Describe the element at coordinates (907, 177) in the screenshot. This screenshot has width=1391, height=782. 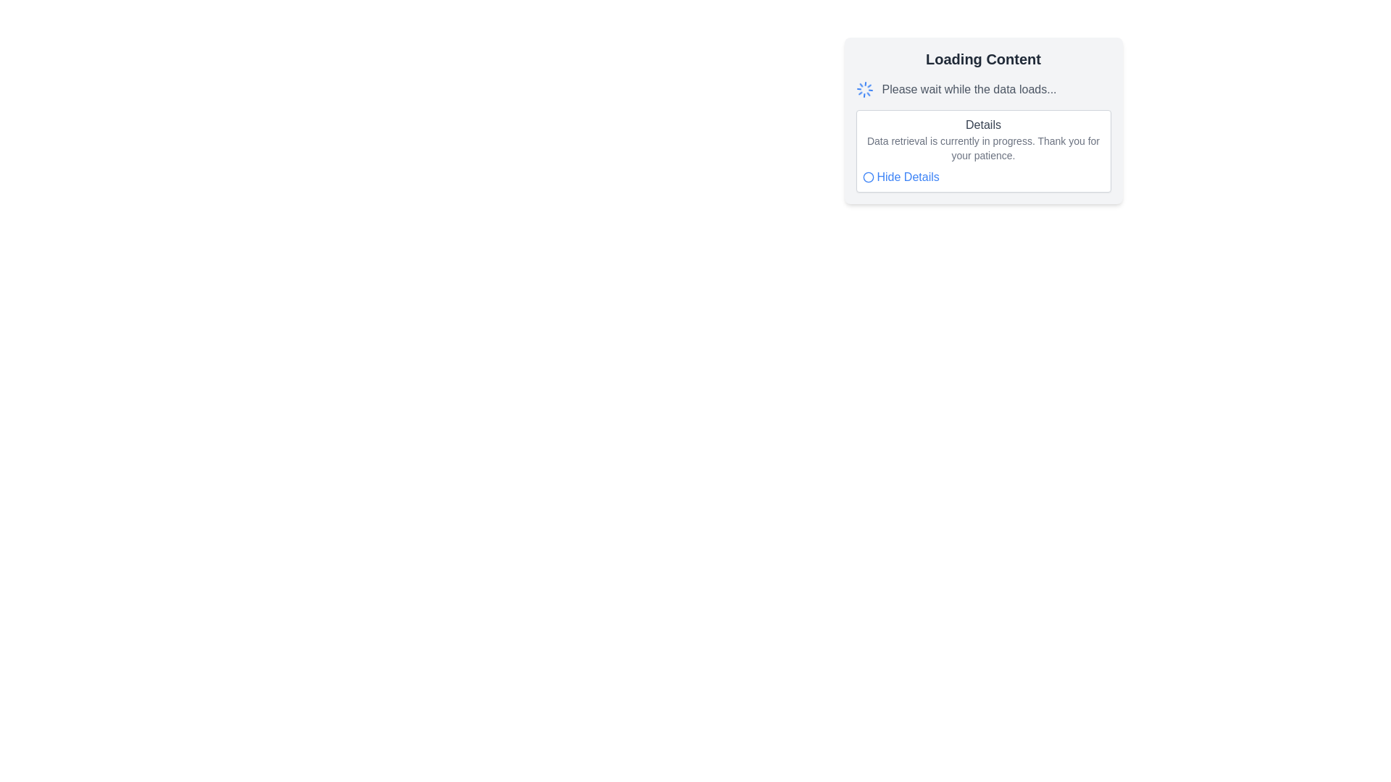
I see `the interactive text link located near the center right of the interface, directly below the 'Details' header` at that location.